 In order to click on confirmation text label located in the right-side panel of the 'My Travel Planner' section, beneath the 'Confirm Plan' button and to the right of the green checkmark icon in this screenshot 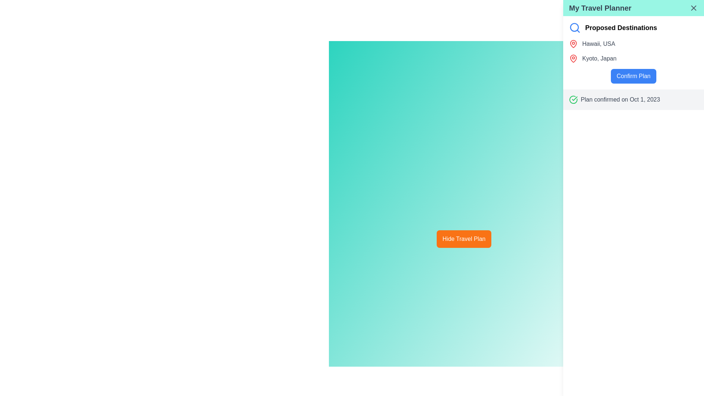, I will do `click(620, 100)`.